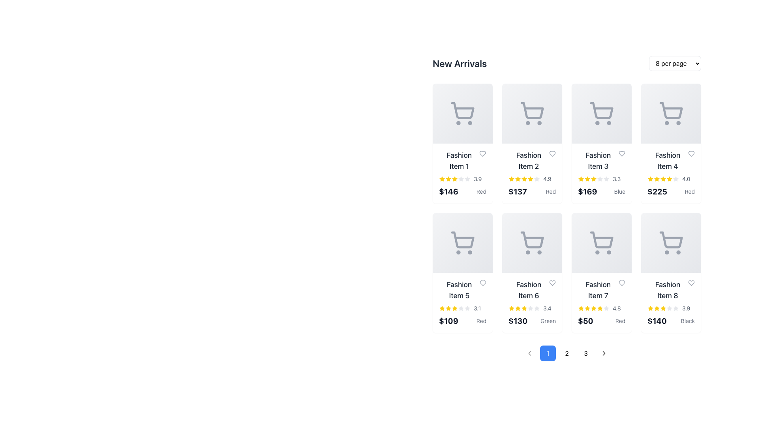  Describe the element at coordinates (481, 192) in the screenshot. I see `text content of the color attribute label located in the first column of the first row of the product card, positioned directly below the price '$146'` at that location.